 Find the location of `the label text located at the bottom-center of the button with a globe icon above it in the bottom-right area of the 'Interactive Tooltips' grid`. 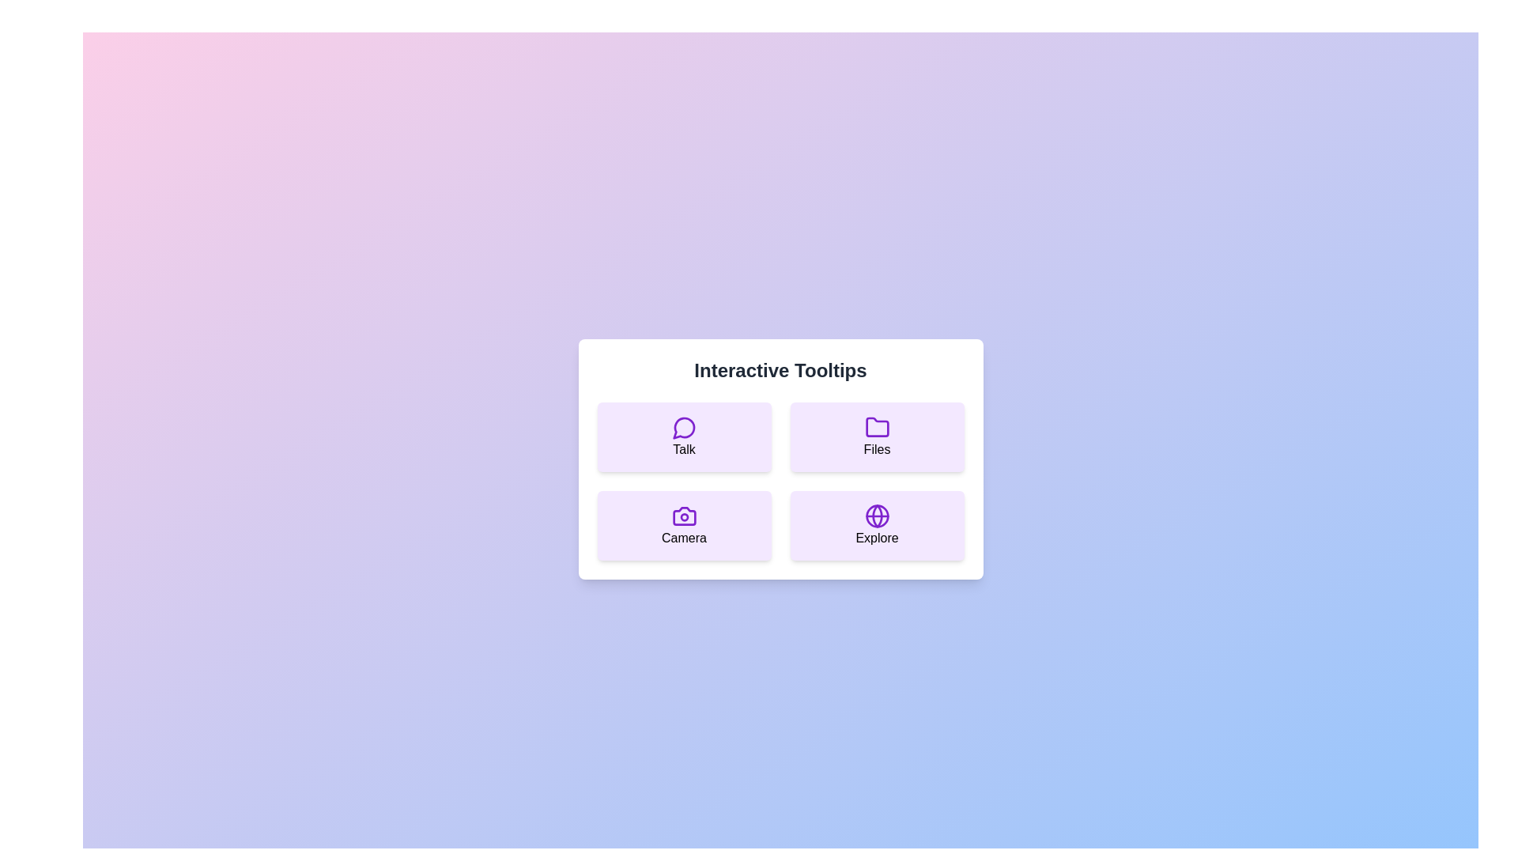

the label text located at the bottom-center of the button with a globe icon above it in the bottom-right area of the 'Interactive Tooltips' grid is located at coordinates (876, 538).